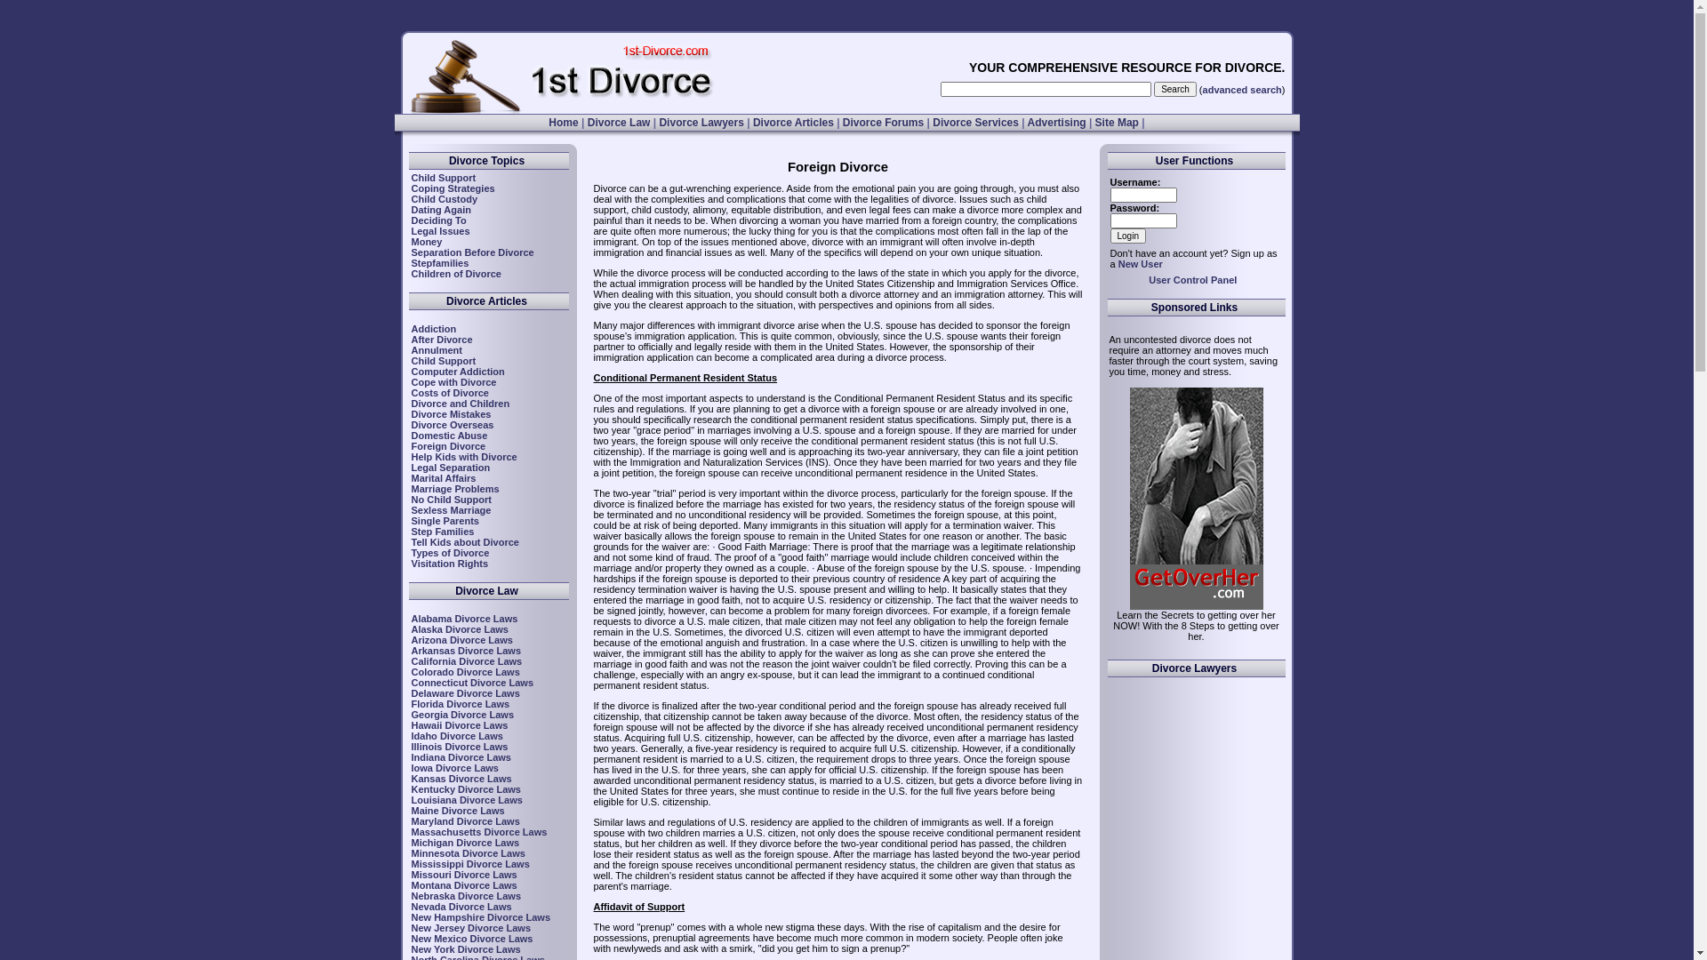  What do you see at coordinates (444, 198) in the screenshot?
I see `'Child Custody'` at bounding box center [444, 198].